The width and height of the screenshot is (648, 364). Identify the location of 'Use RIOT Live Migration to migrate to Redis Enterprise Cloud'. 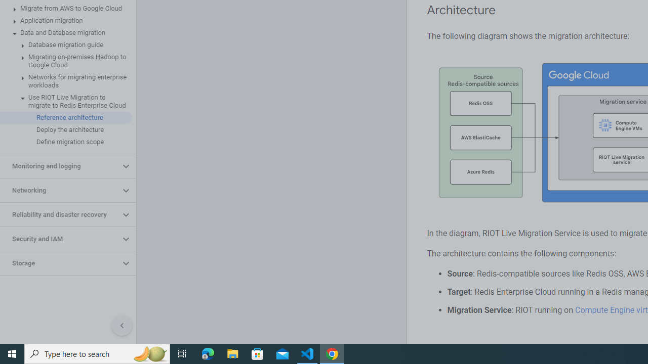
(65, 101).